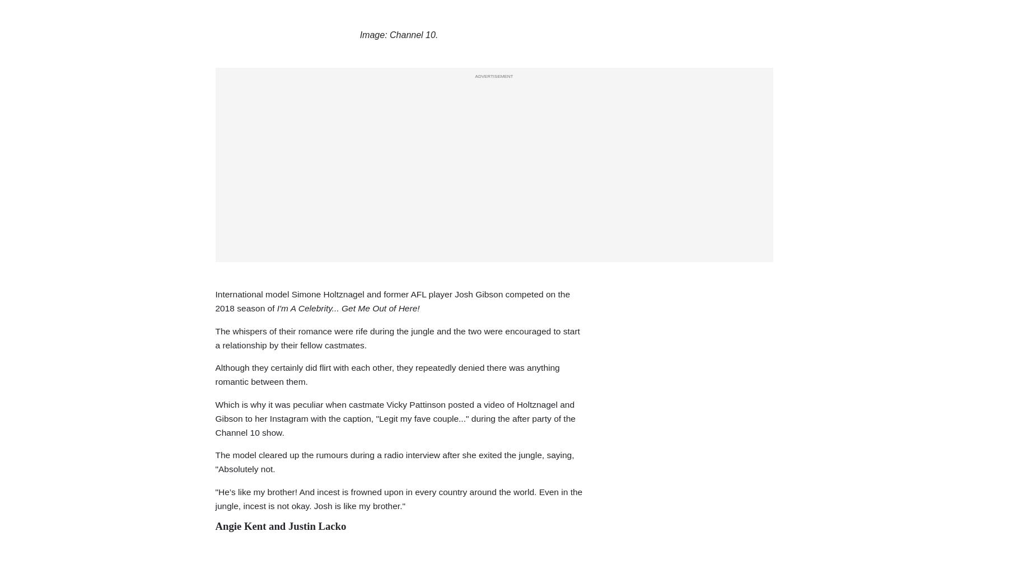 This screenshot has height=578, width=1032. I want to click on 'The model cleared up the rumours during a radio interview after she exited the jungle, saying, "Absolutely not.', so click(394, 462).